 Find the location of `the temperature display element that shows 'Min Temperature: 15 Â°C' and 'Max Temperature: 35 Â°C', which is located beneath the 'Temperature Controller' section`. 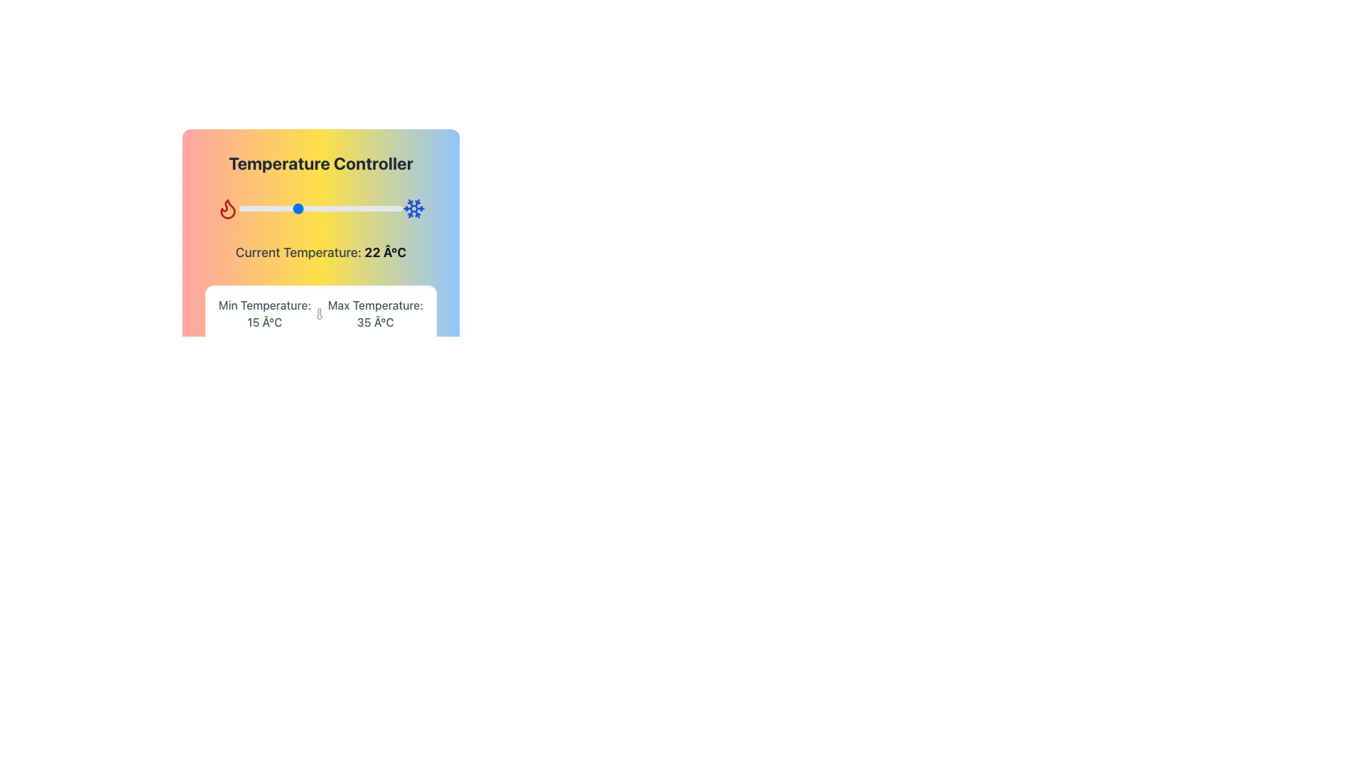

the temperature display element that shows 'Min Temperature: 15 Â°C' and 'Max Temperature: 35 Â°C', which is located beneath the 'Temperature Controller' section is located at coordinates (320, 313).